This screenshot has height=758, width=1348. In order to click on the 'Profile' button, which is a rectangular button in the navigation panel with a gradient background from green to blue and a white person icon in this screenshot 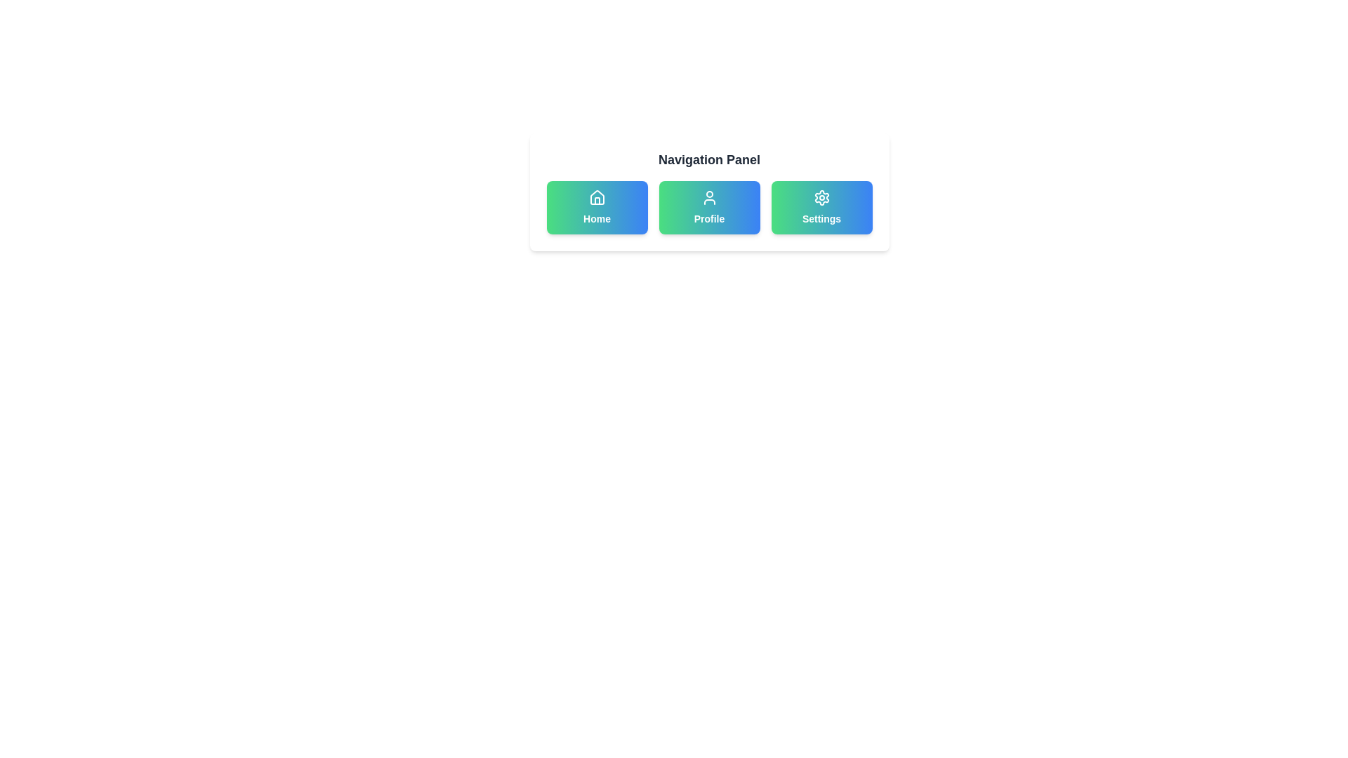, I will do `click(709, 208)`.